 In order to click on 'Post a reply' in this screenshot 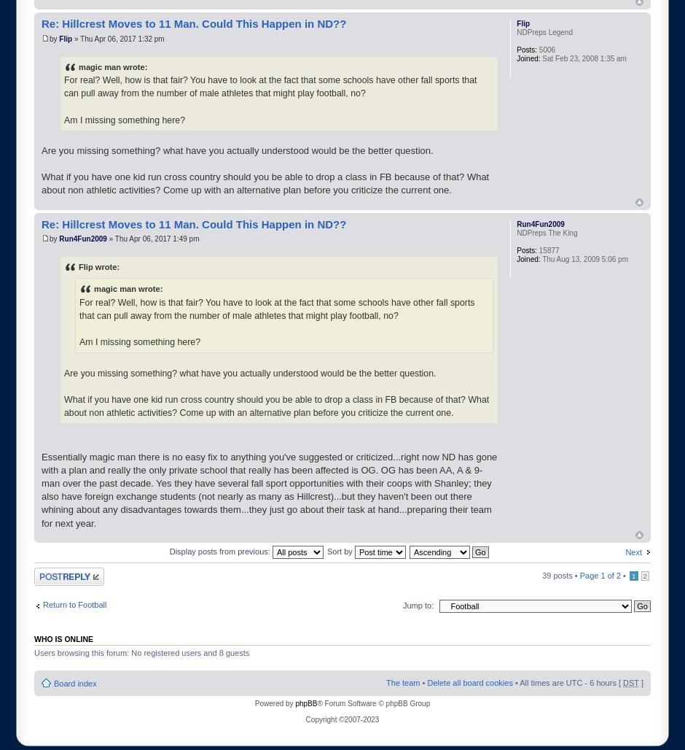, I will do `click(55, 571)`.